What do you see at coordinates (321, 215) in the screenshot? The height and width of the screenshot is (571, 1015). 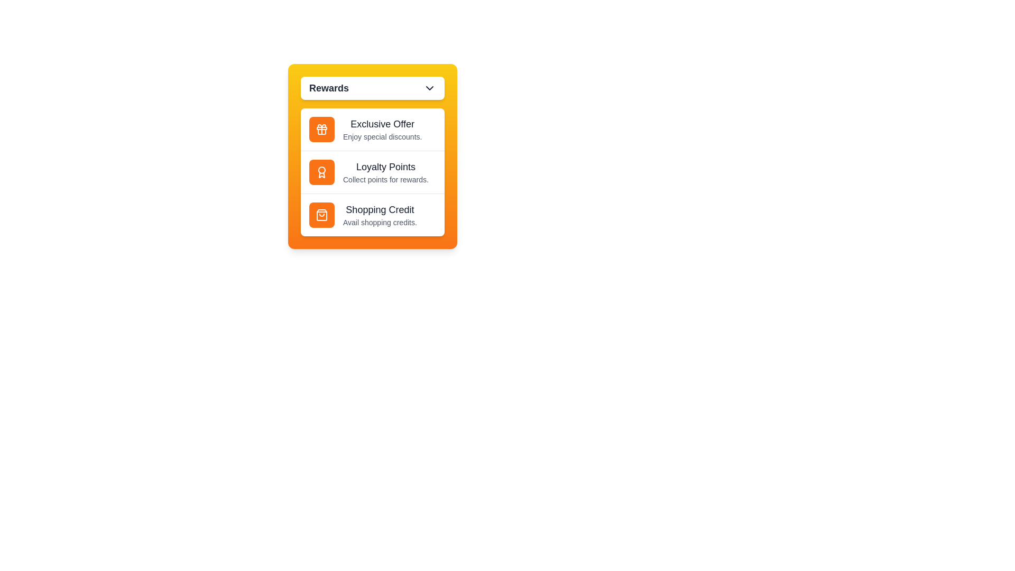 I see `the shopping bag icon located in the 'Shopping Credit' segment of the rewards card interface, which features a compact orange background and white lines representing a shopping bag` at bounding box center [321, 215].